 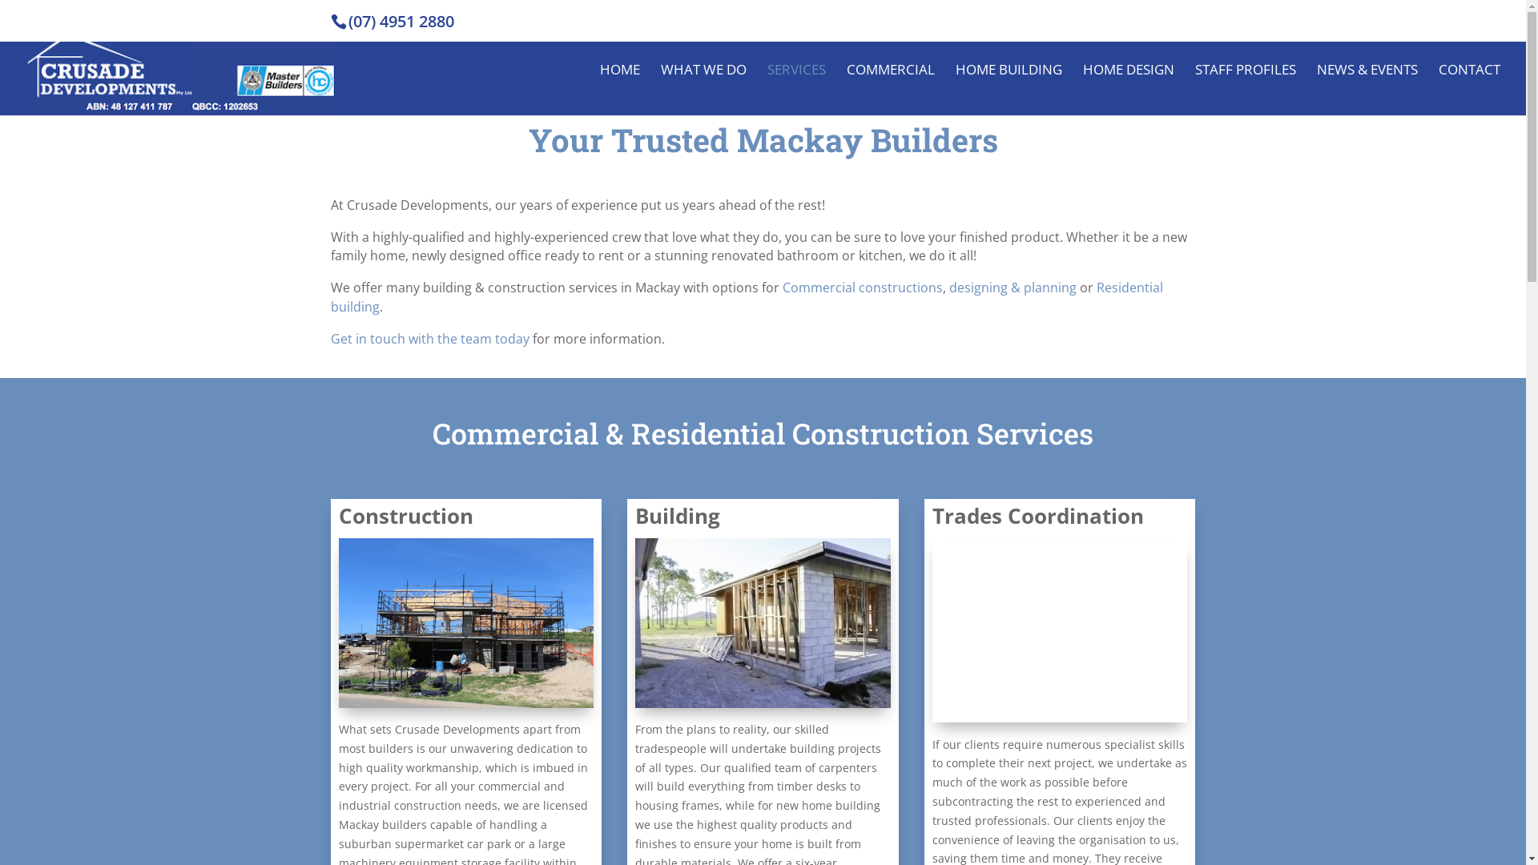 What do you see at coordinates (618, 89) in the screenshot?
I see `'HOME'` at bounding box center [618, 89].